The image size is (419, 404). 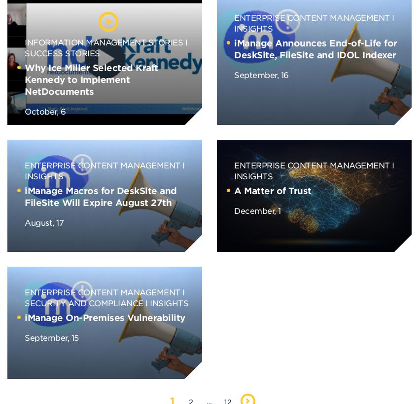 What do you see at coordinates (256, 210) in the screenshot?
I see `'December, 1'` at bounding box center [256, 210].